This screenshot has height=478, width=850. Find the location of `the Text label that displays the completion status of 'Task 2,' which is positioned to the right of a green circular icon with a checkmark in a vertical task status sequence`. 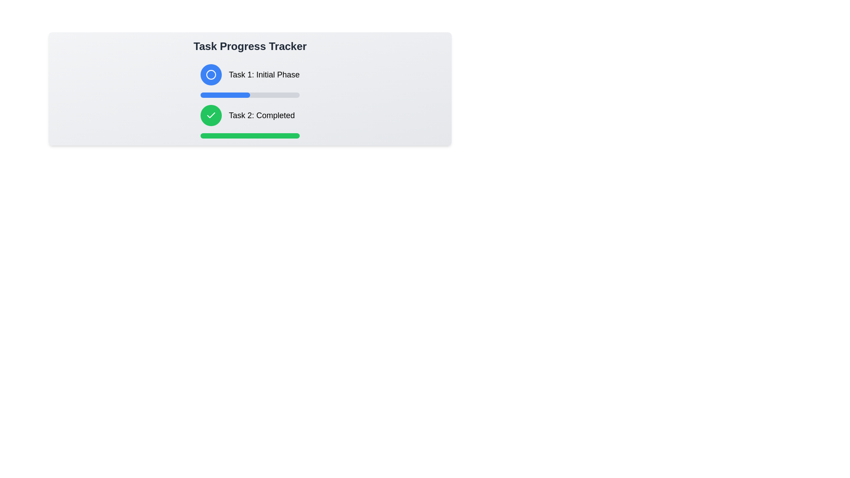

the Text label that displays the completion status of 'Task 2,' which is positioned to the right of a green circular icon with a checkmark in a vertical task status sequence is located at coordinates (261, 115).